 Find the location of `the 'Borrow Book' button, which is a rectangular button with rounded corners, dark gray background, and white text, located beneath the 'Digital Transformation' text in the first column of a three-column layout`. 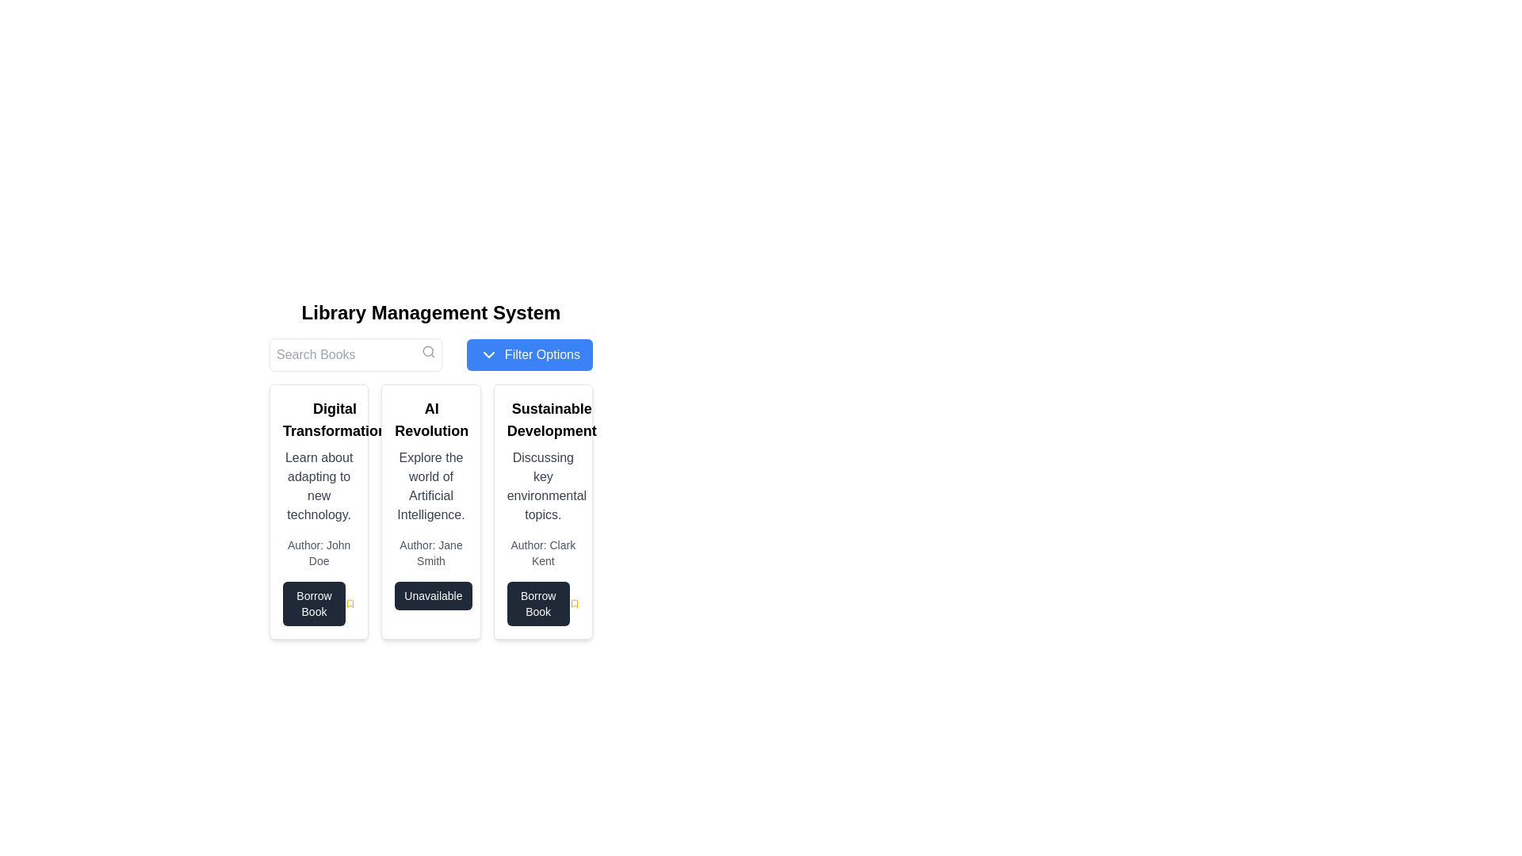

the 'Borrow Book' button, which is a rectangular button with rounded corners, dark gray background, and white text, located beneath the 'Digital Transformation' text in the first column of a three-column layout is located at coordinates (314, 604).